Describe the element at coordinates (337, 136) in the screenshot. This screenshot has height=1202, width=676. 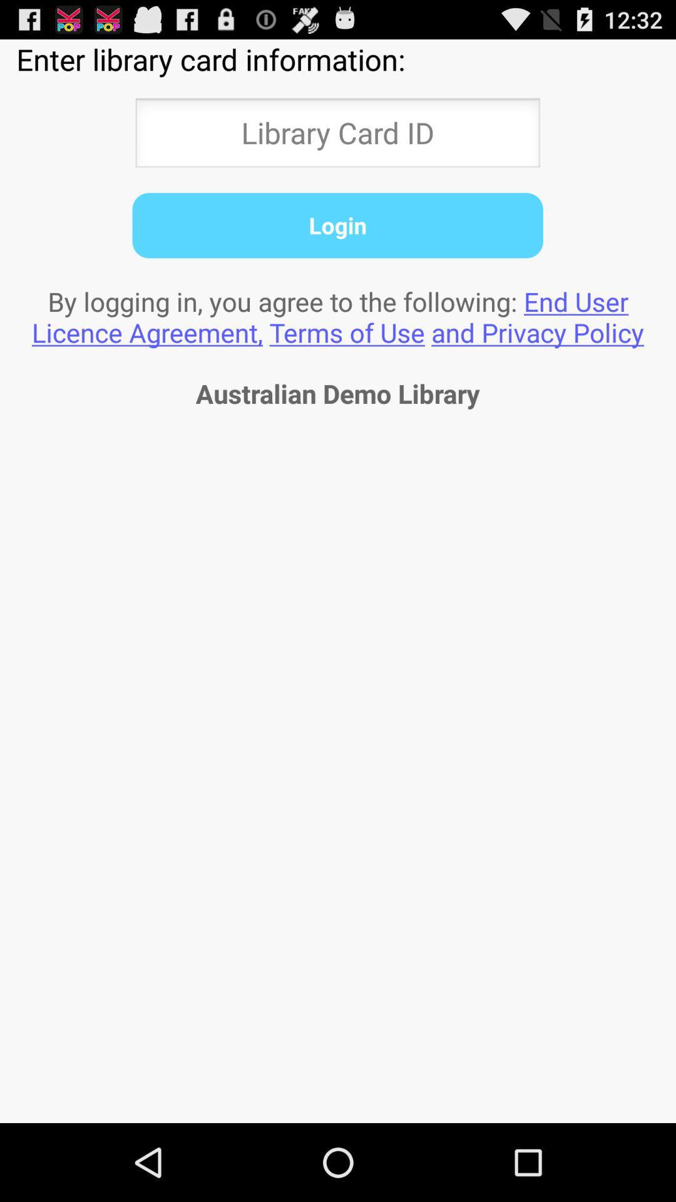
I see `library card id` at that location.